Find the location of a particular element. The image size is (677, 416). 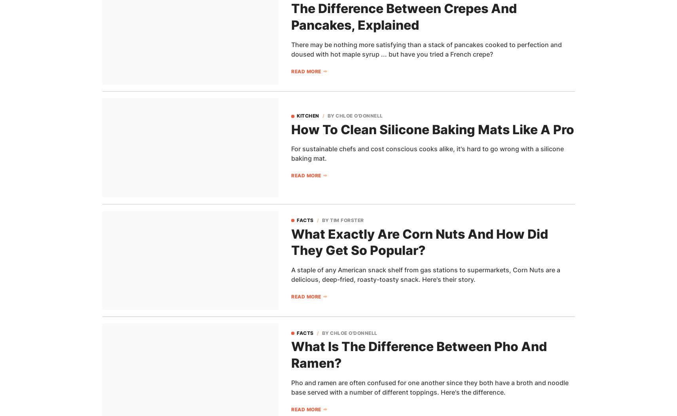

'Tim Forster' is located at coordinates (347, 220).